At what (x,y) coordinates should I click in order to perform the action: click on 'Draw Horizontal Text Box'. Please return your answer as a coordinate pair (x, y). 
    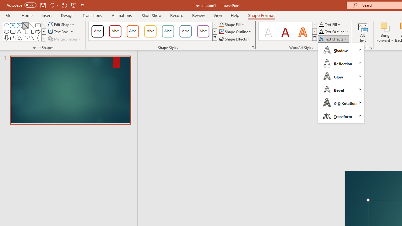
    Looking at the image, I should click on (58, 32).